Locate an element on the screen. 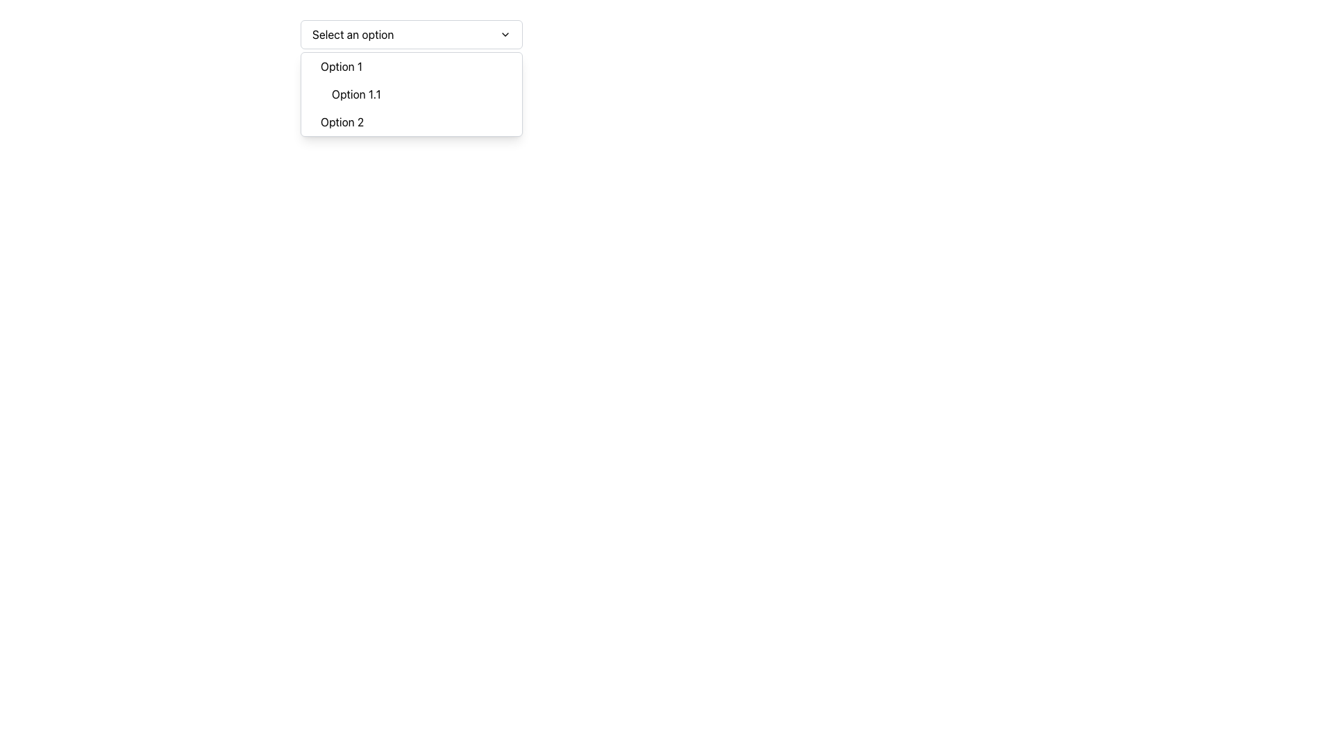 This screenshot has height=750, width=1333. the downward-facing chevron icon next to the 'Select an option' text field is located at coordinates (505, 34).